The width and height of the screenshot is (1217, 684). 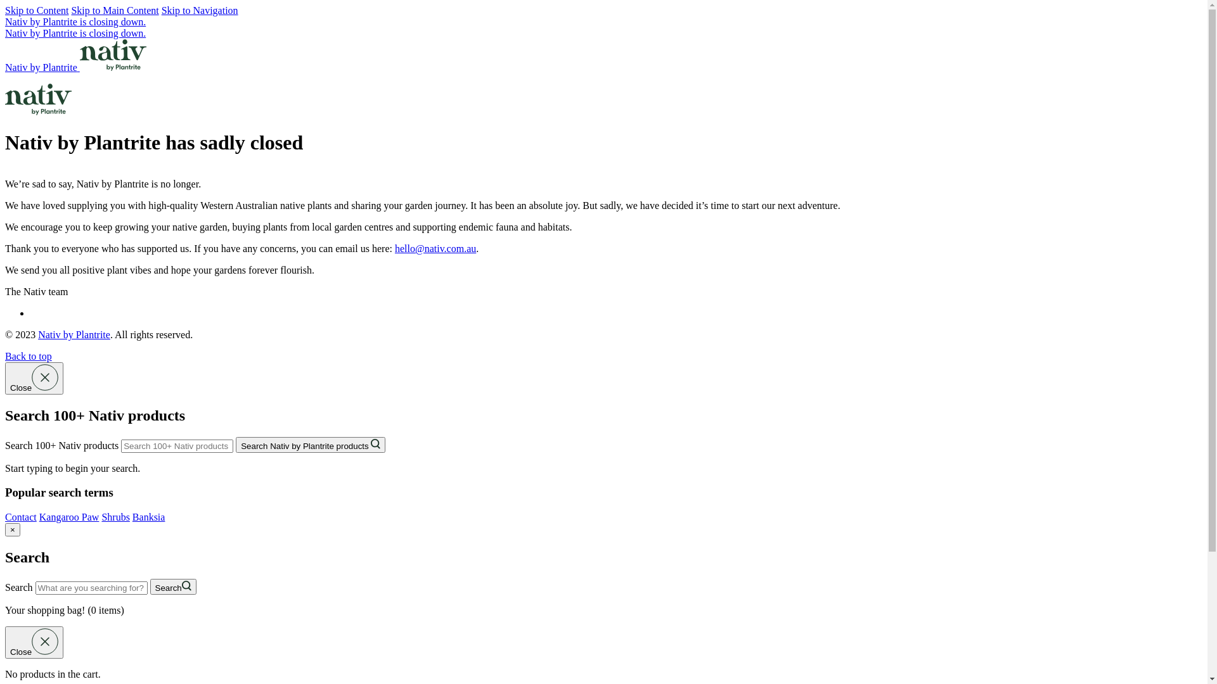 What do you see at coordinates (435, 248) in the screenshot?
I see `'hello@nativ.com.au'` at bounding box center [435, 248].